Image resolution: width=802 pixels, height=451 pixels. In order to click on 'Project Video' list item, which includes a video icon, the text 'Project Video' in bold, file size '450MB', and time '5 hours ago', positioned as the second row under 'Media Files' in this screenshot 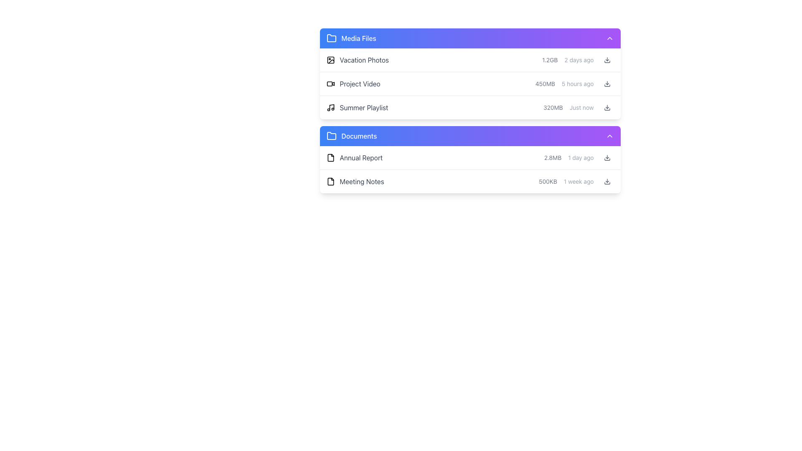, I will do `click(470, 84)`.